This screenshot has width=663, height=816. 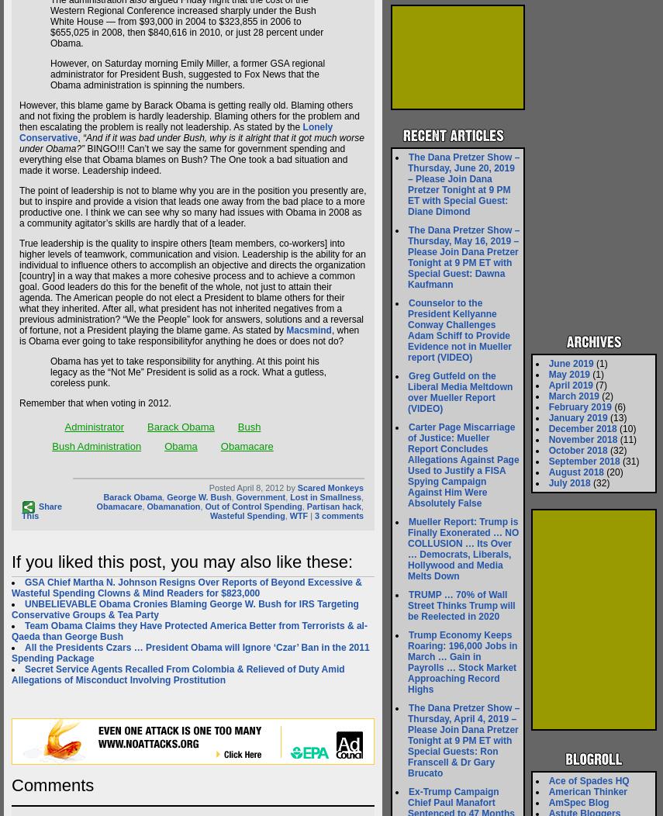 What do you see at coordinates (188, 631) in the screenshot?
I see `'Team Obama Claims they Have Protected America Better from Terrorists & al-Qaeda  than George Bush'` at bounding box center [188, 631].